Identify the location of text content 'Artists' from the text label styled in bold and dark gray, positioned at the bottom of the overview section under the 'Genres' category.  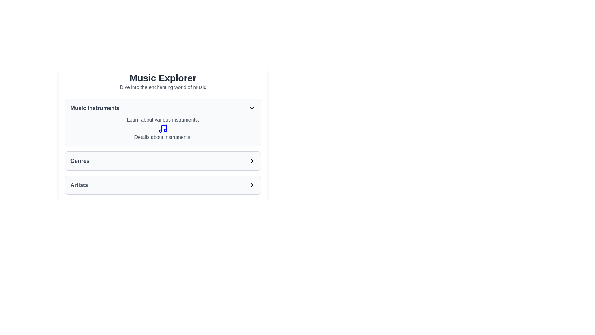
(79, 185).